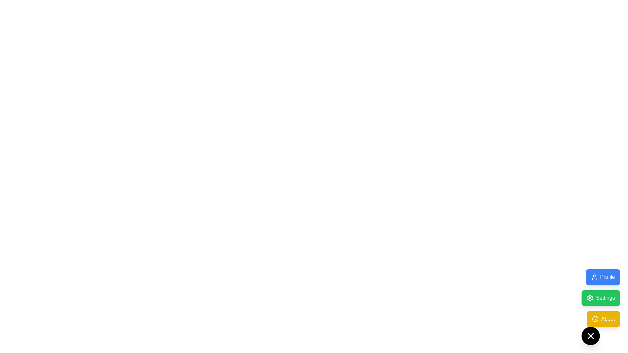 The image size is (628, 353). Describe the element at coordinates (607, 277) in the screenshot. I see `the 'Profile' text label within the blue button for accessibility navigation` at that location.